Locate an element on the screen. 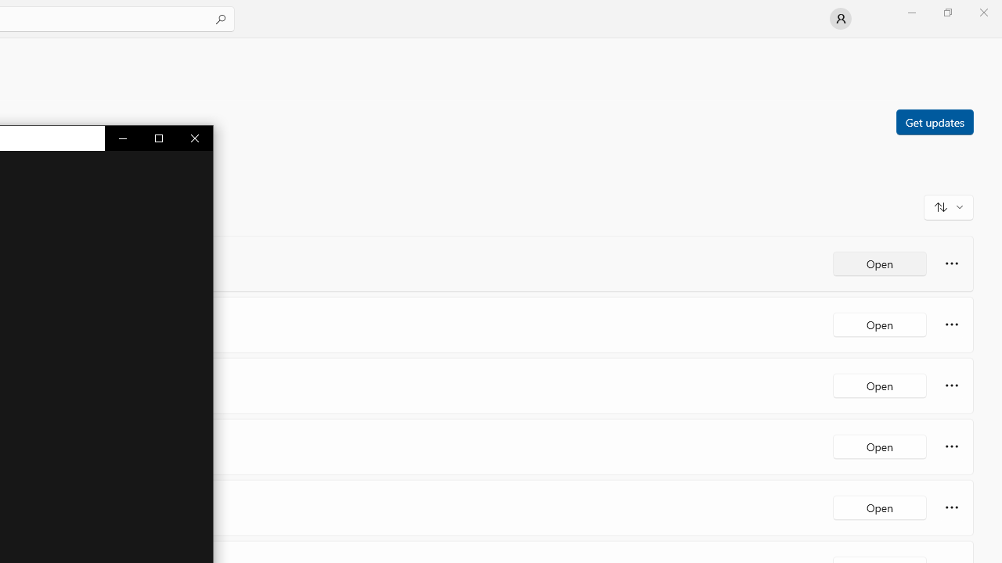 Image resolution: width=1002 pixels, height=563 pixels. 'Close Xbox Console Companion' is located at coordinates (193, 138).